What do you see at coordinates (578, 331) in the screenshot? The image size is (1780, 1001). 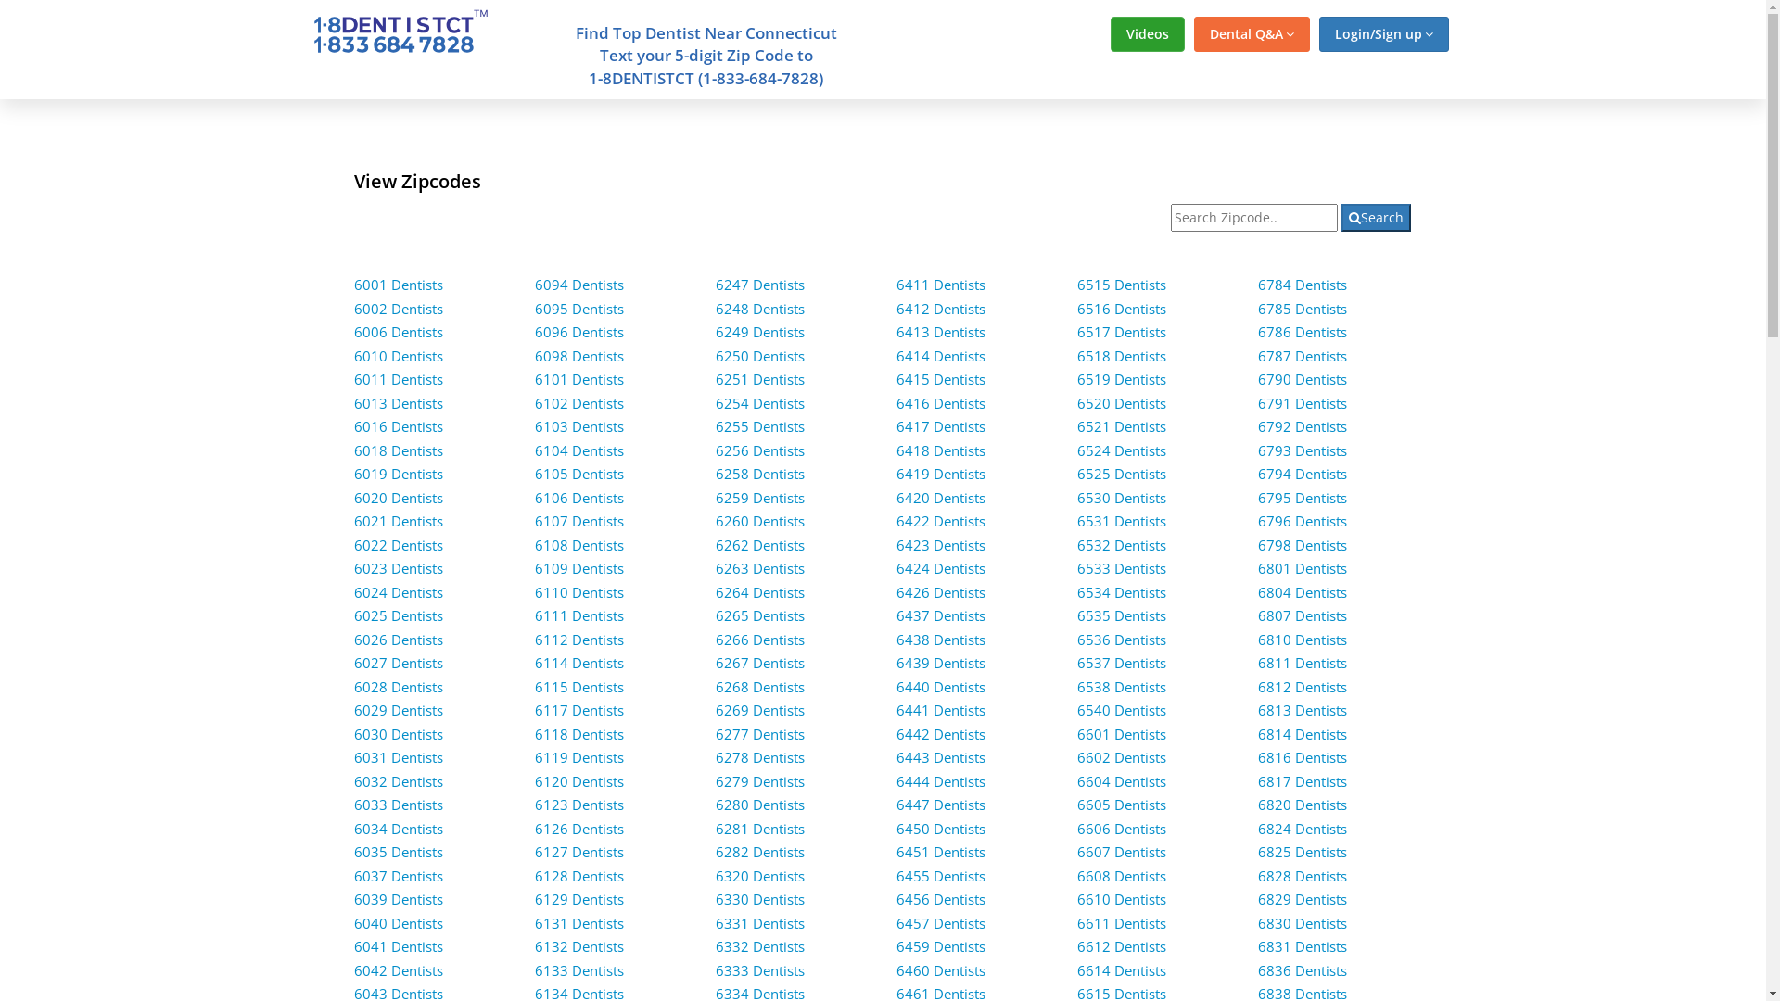 I see `'6096 Dentists'` at bounding box center [578, 331].